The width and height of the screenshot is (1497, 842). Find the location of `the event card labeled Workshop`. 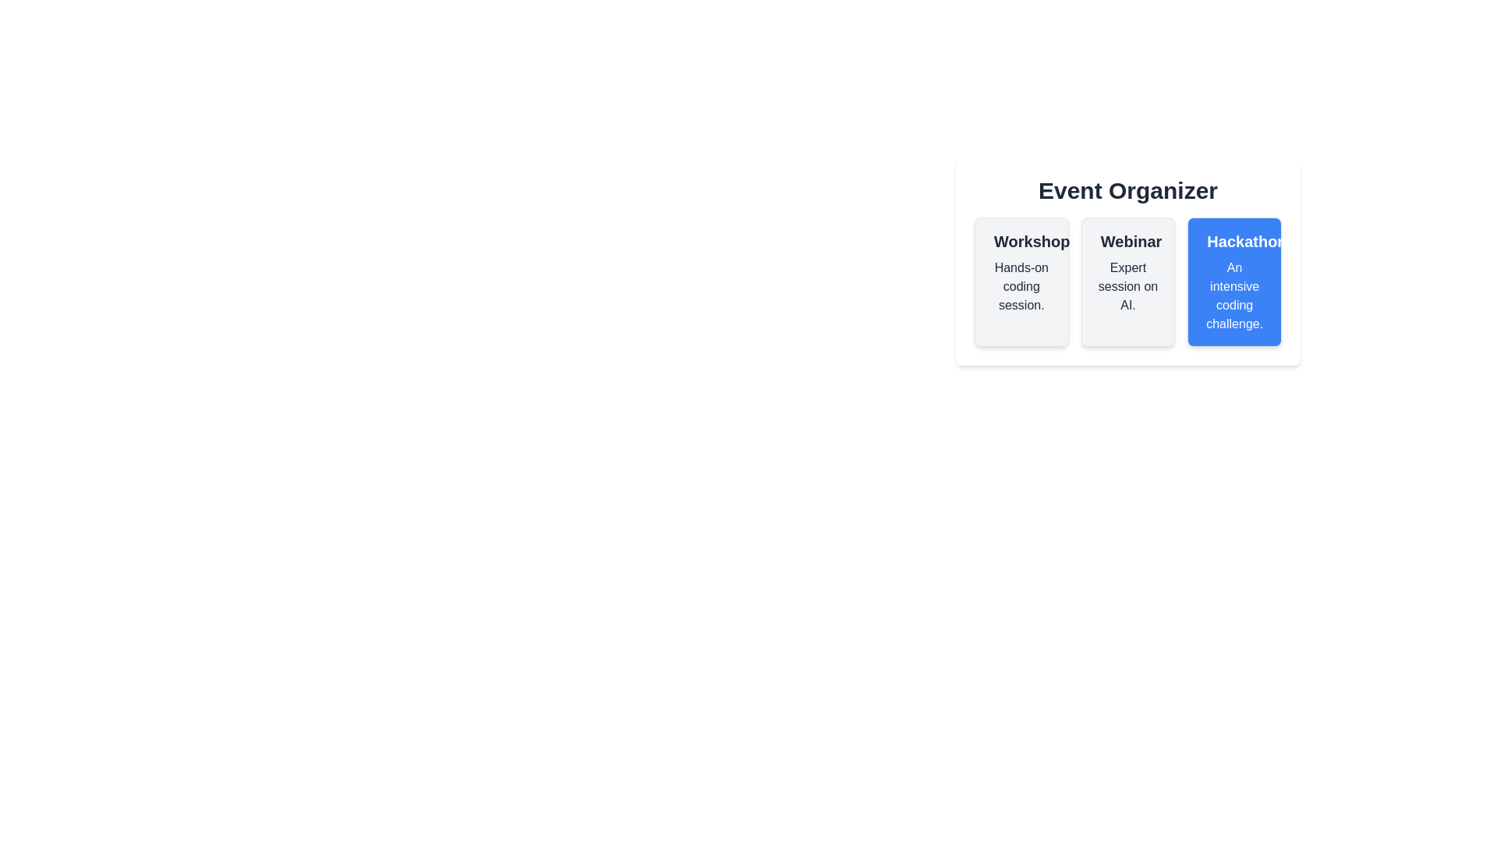

the event card labeled Workshop is located at coordinates (1021, 282).